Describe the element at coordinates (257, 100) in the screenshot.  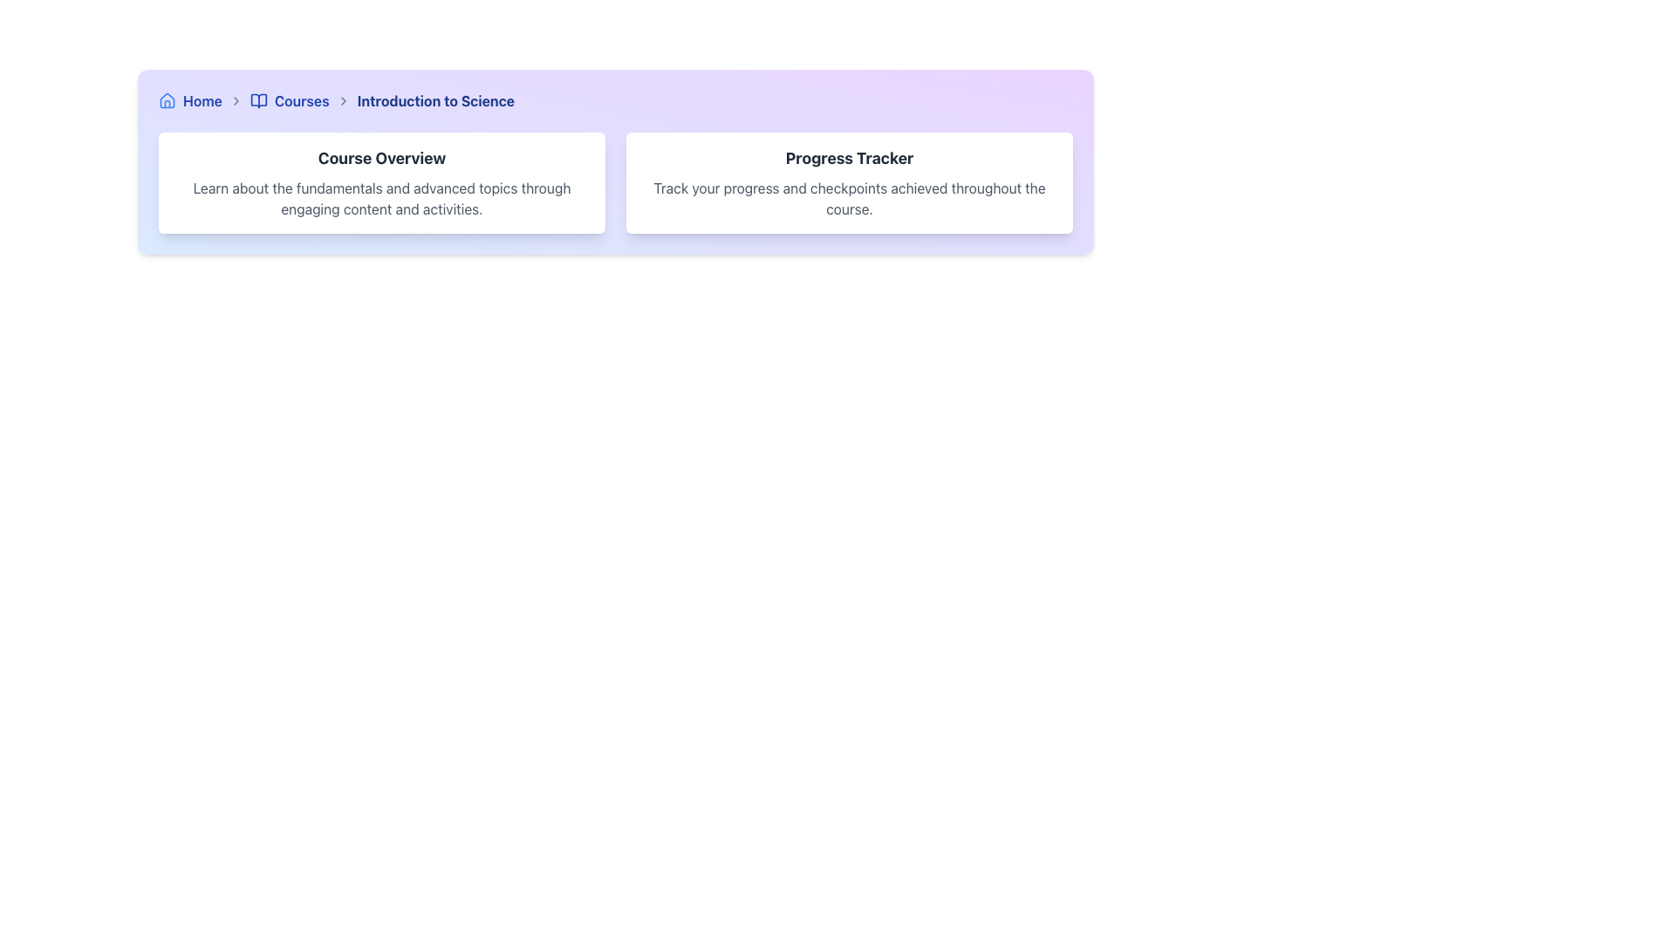
I see `the open book icon located next to the 'Courses' text in the breadcrumb navigation bar` at that location.